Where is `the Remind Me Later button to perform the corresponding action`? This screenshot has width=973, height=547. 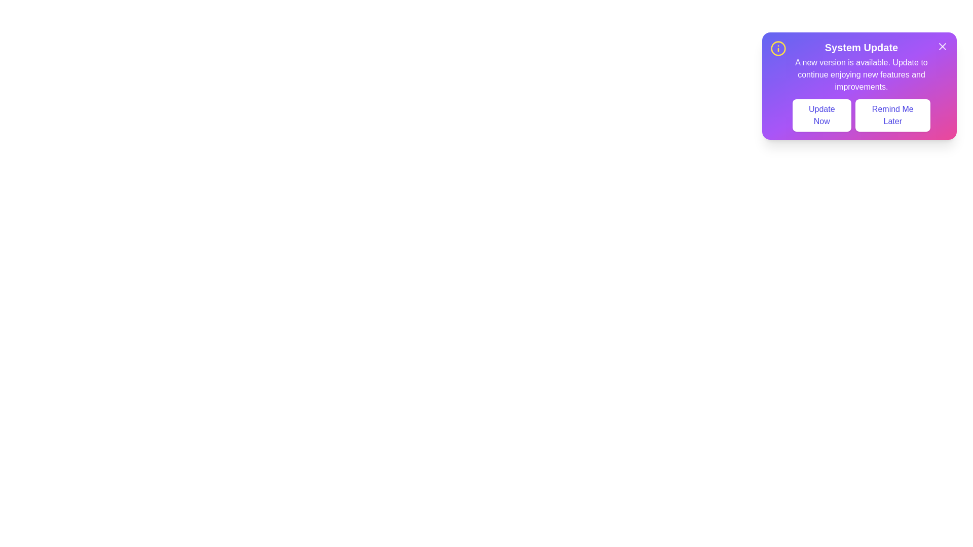
the Remind Me Later button to perform the corresponding action is located at coordinates (892, 114).